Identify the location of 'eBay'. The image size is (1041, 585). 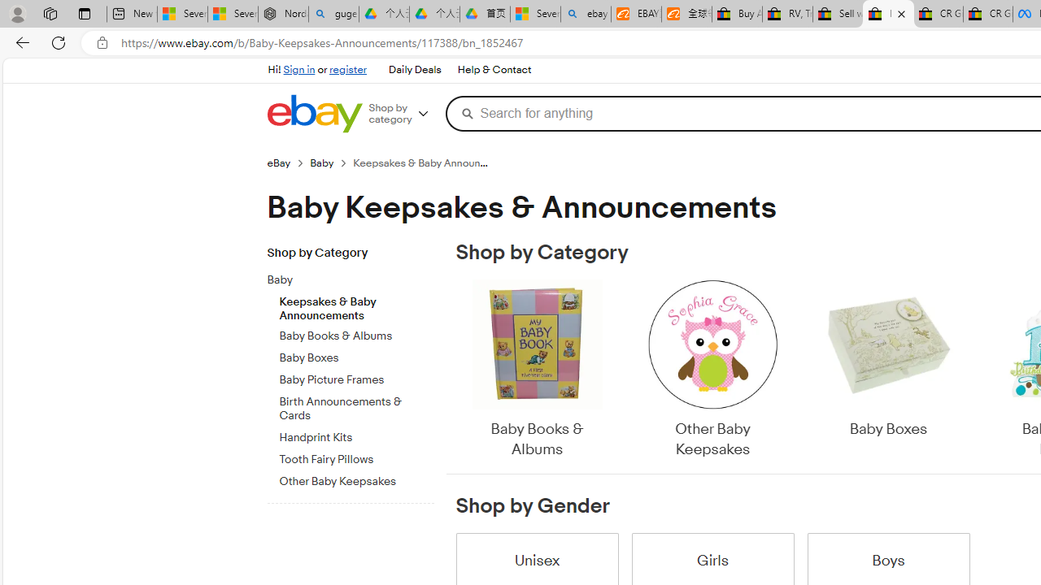
(279, 162).